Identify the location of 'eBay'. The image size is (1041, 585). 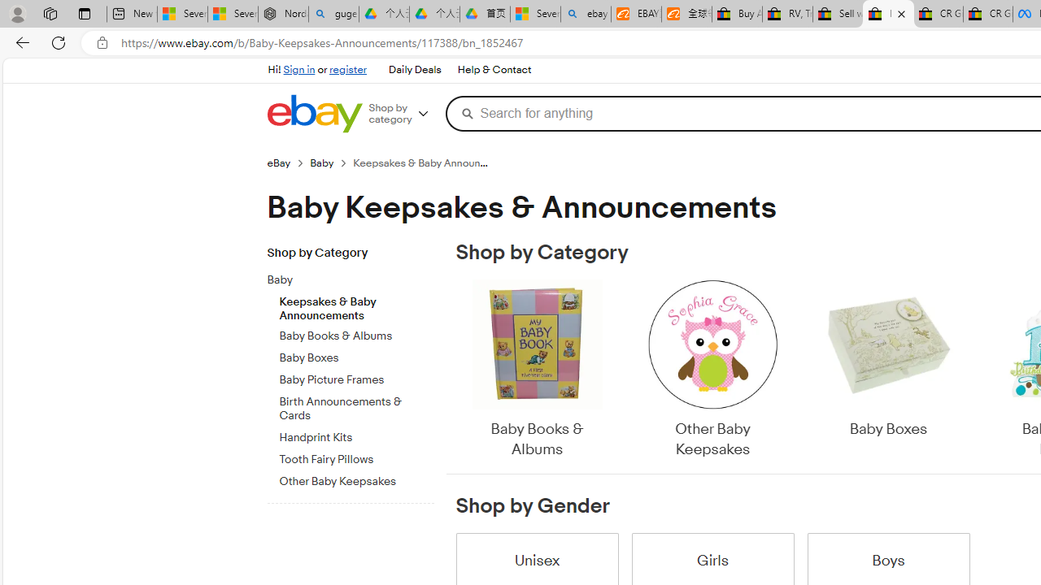
(279, 162).